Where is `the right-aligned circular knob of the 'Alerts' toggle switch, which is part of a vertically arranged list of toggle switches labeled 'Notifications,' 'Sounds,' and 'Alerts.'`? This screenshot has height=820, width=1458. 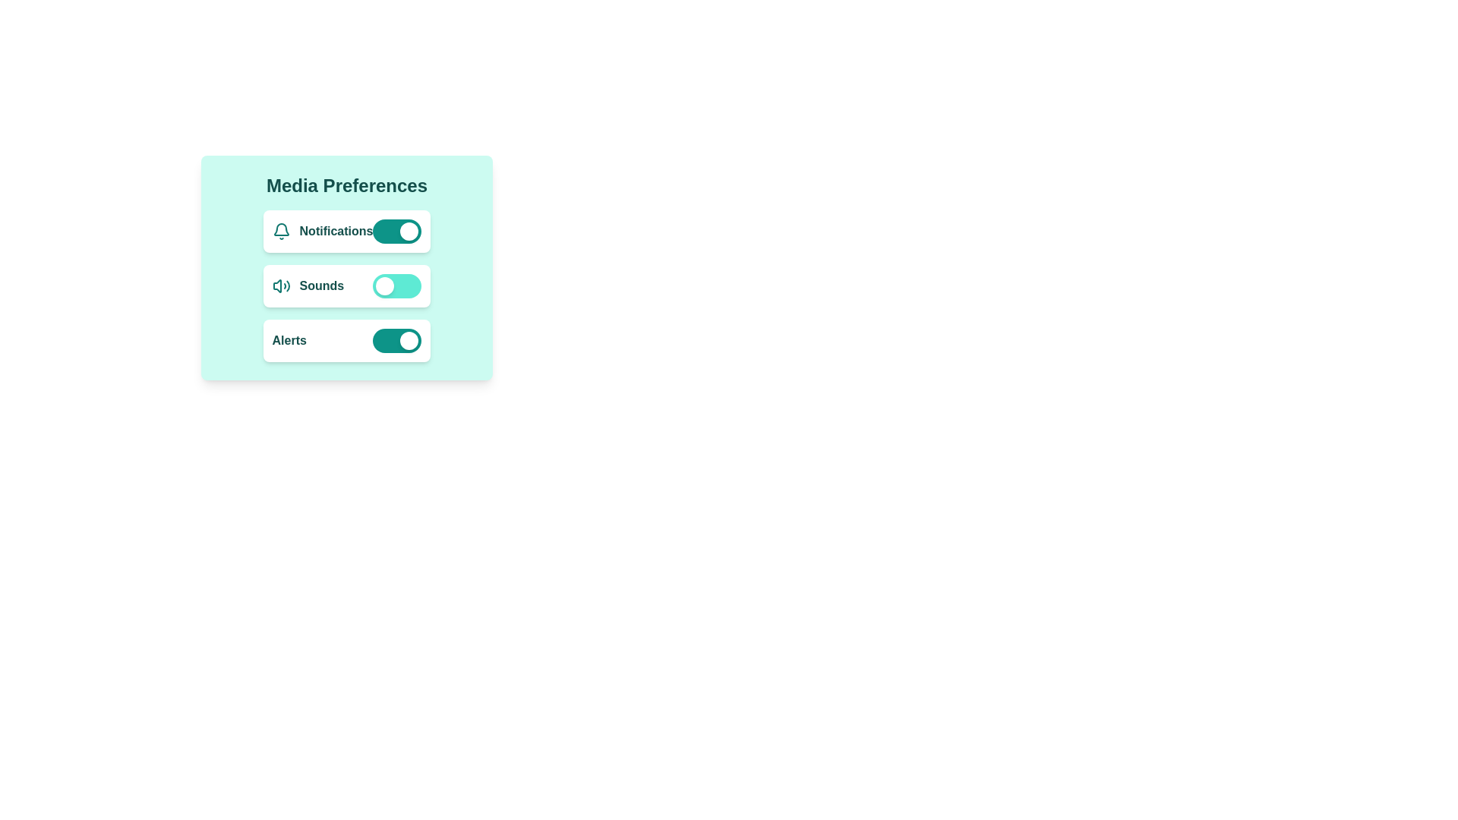 the right-aligned circular knob of the 'Alerts' toggle switch, which is part of a vertically arranged list of toggle switches labeled 'Notifications,' 'Sounds,' and 'Alerts.' is located at coordinates (409, 339).